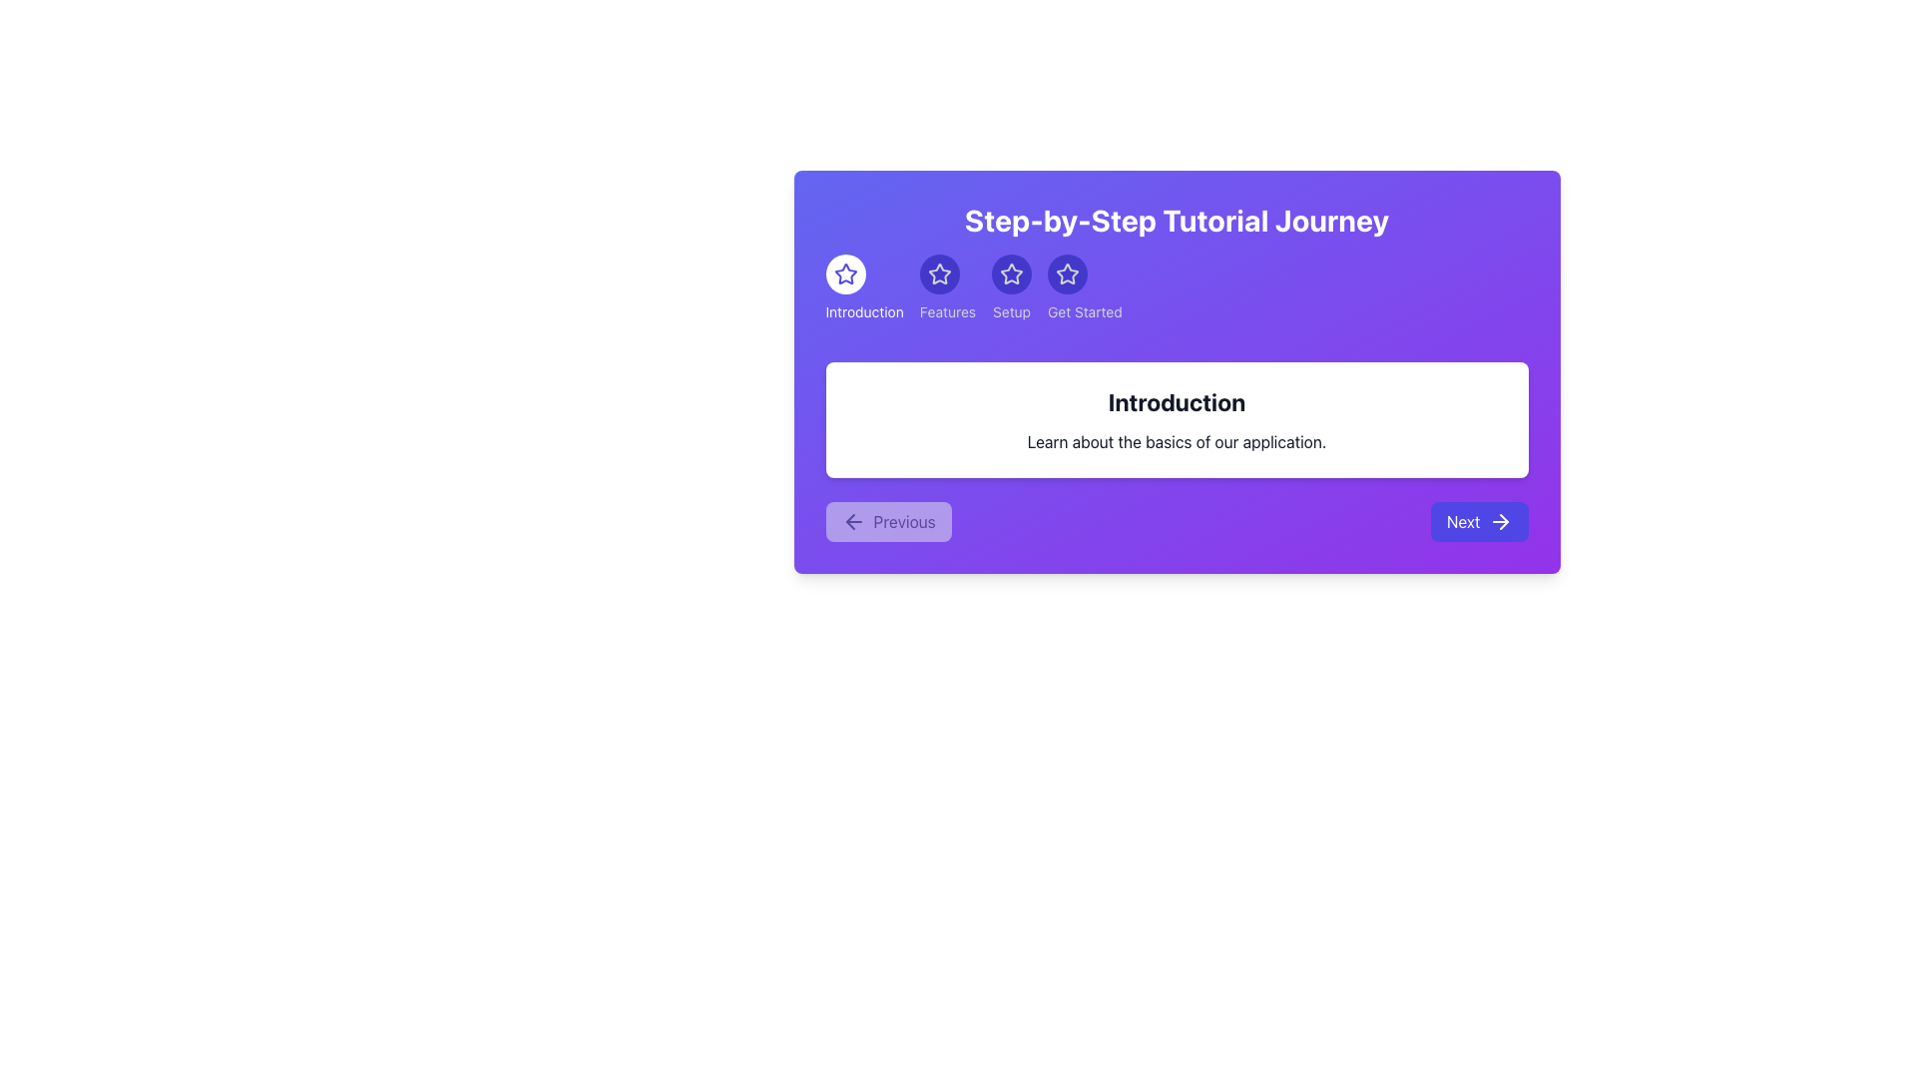 The width and height of the screenshot is (1916, 1078). I want to click on the 'Setup' button, which is the third button in the navigation bar for the Step-by-Step Tutorial Journey, so click(1012, 273).